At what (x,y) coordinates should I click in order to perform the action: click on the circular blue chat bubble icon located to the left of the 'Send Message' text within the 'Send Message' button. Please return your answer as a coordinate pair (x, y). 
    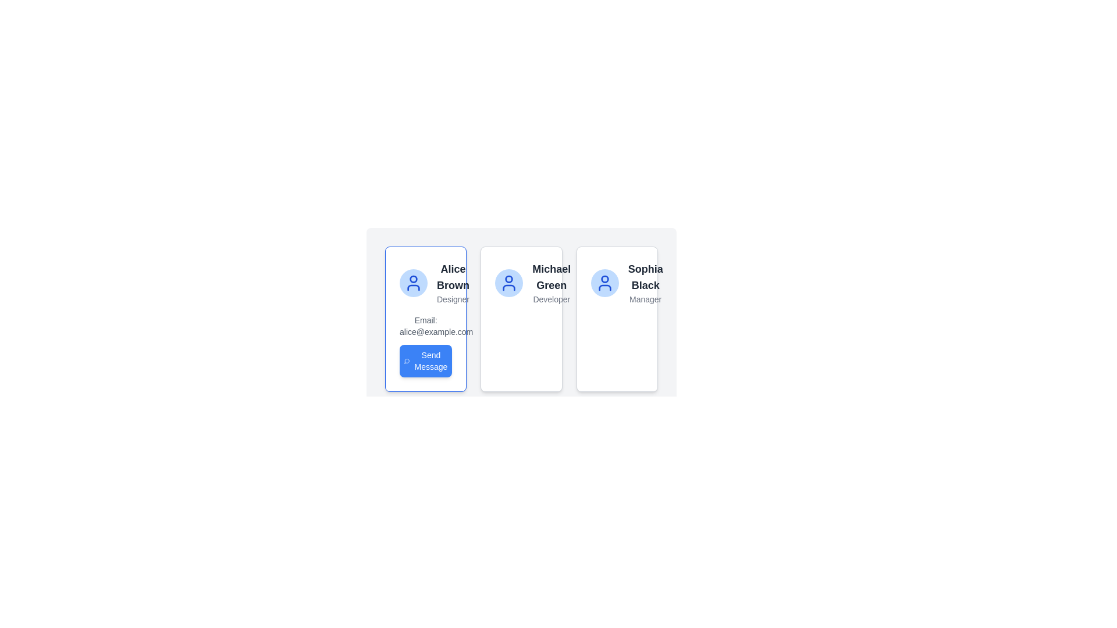
    Looking at the image, I should click on (407, 361).